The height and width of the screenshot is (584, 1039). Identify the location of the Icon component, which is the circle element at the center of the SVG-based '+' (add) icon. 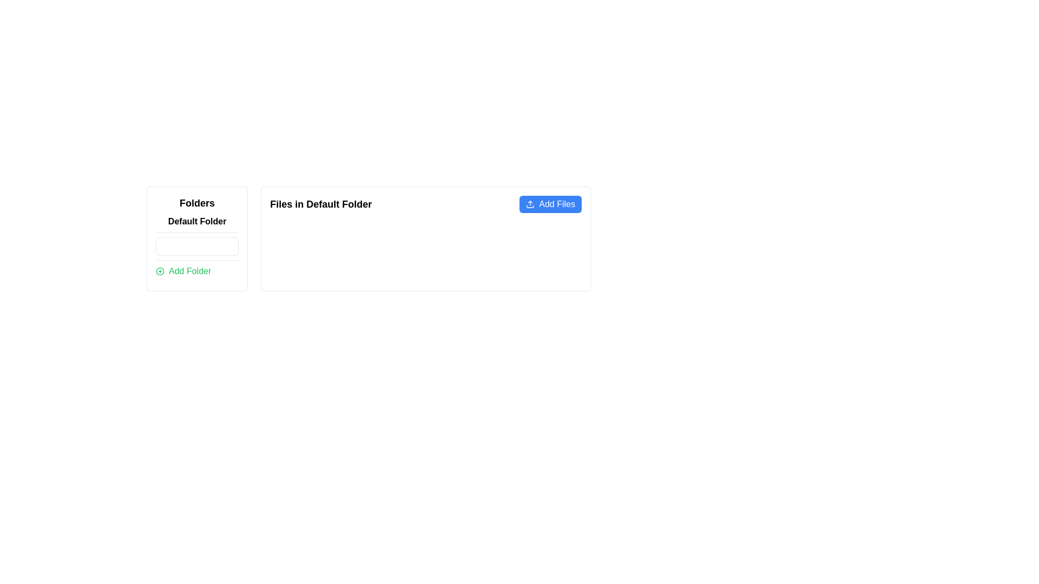
(160, 270).